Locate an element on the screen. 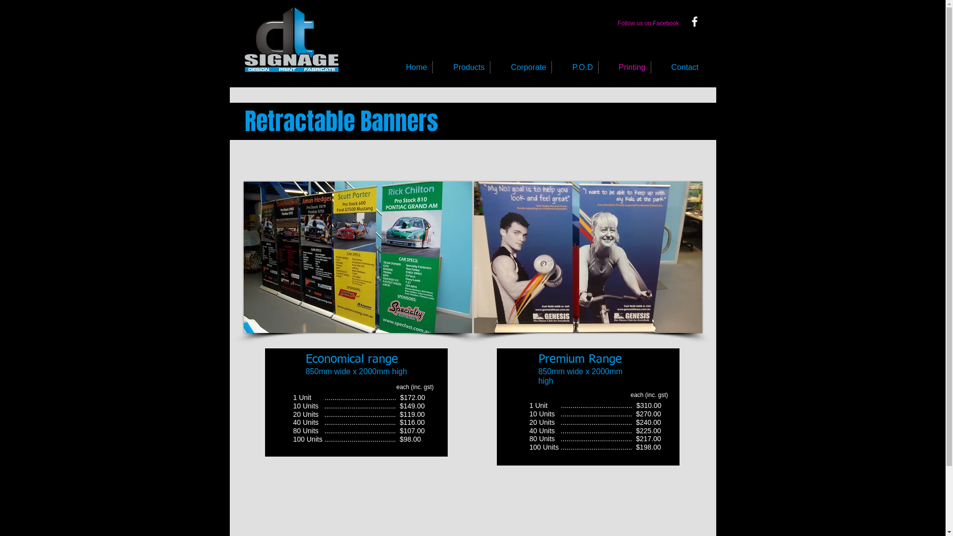 Image resolution: width=953 pixels, height=536 pixels. 'Corporate' is located at coordinates (520, 67).